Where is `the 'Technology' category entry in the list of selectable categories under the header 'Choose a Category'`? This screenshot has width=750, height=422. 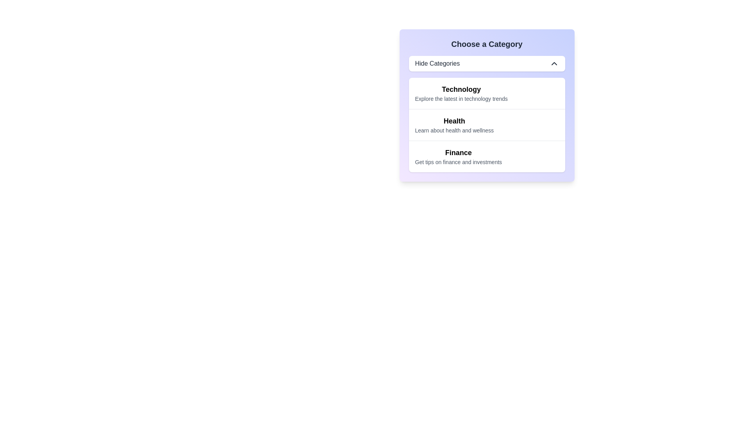 the 'Technology' category entry in the list of selectable categories under the header 'Choose a Category' is located at coordinates (486, 93).